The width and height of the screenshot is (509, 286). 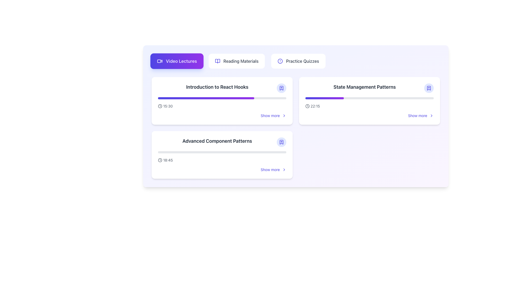 I want to click on the 'Show more' link located at the bottom-right corner of the panel for 'State Management Patterns', so click(x=420, y=115).